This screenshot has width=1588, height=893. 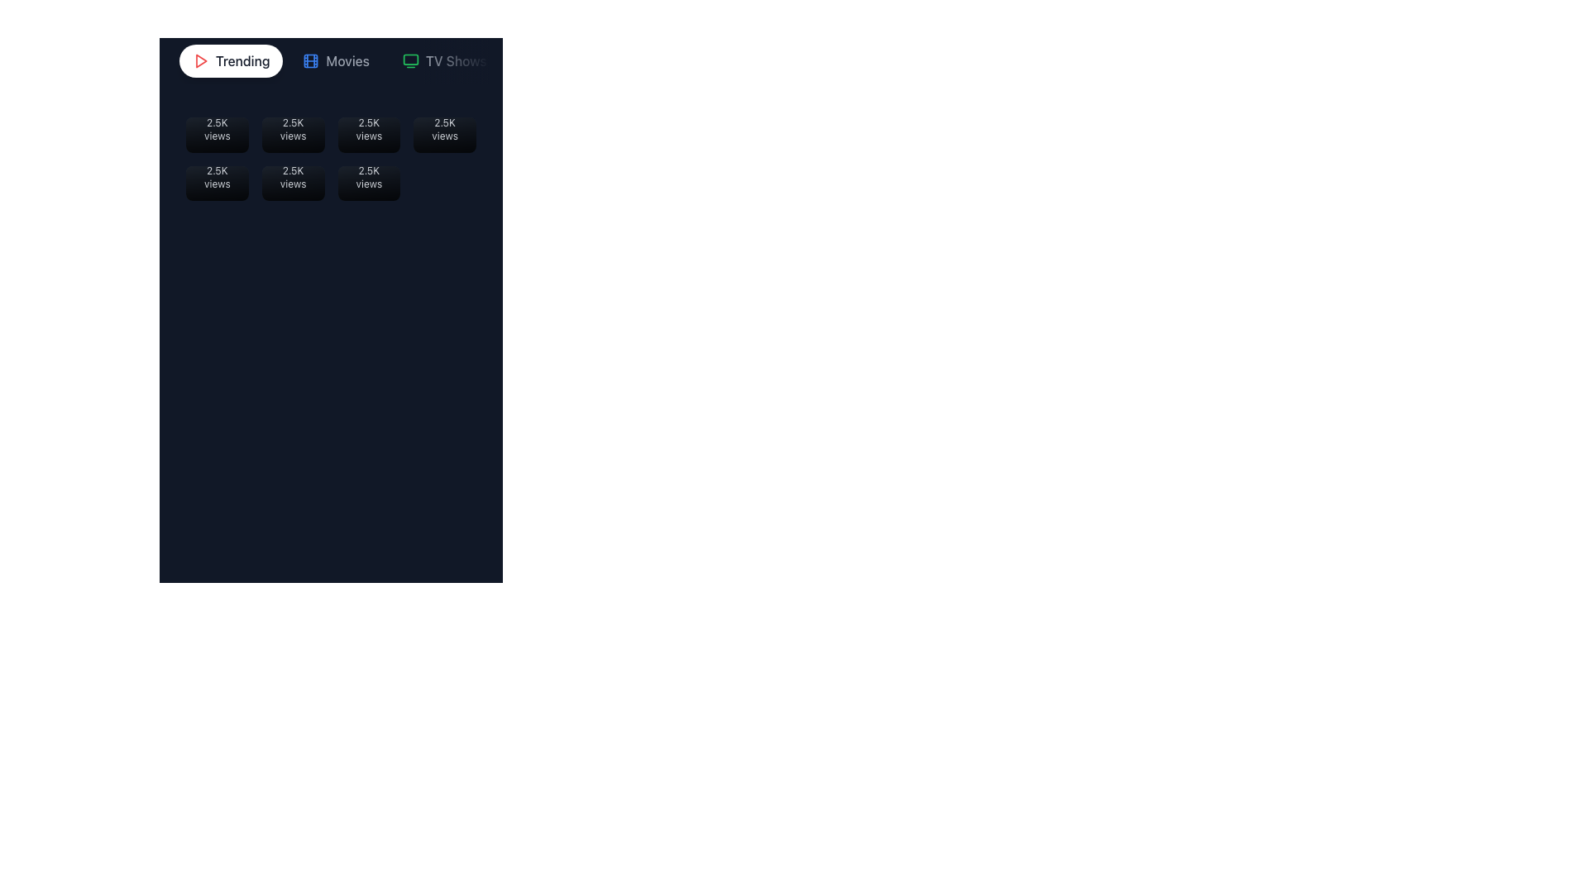 What do you see at coordinates (368, 134) in the screenshot?
I see `the text label component displaying '2.5K views' that is centered on a dark background, positioned as the third item in the first row of content items` at bounding box center [368, 134].